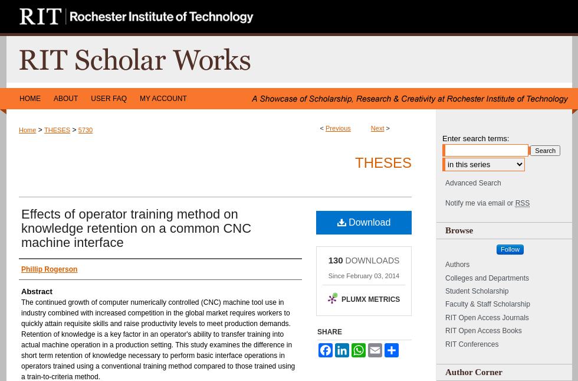  What do you see at coordinates (49, 268) in the screenshot?
I see `'Phillip Rogerson'` at bounding box center [49, 268].